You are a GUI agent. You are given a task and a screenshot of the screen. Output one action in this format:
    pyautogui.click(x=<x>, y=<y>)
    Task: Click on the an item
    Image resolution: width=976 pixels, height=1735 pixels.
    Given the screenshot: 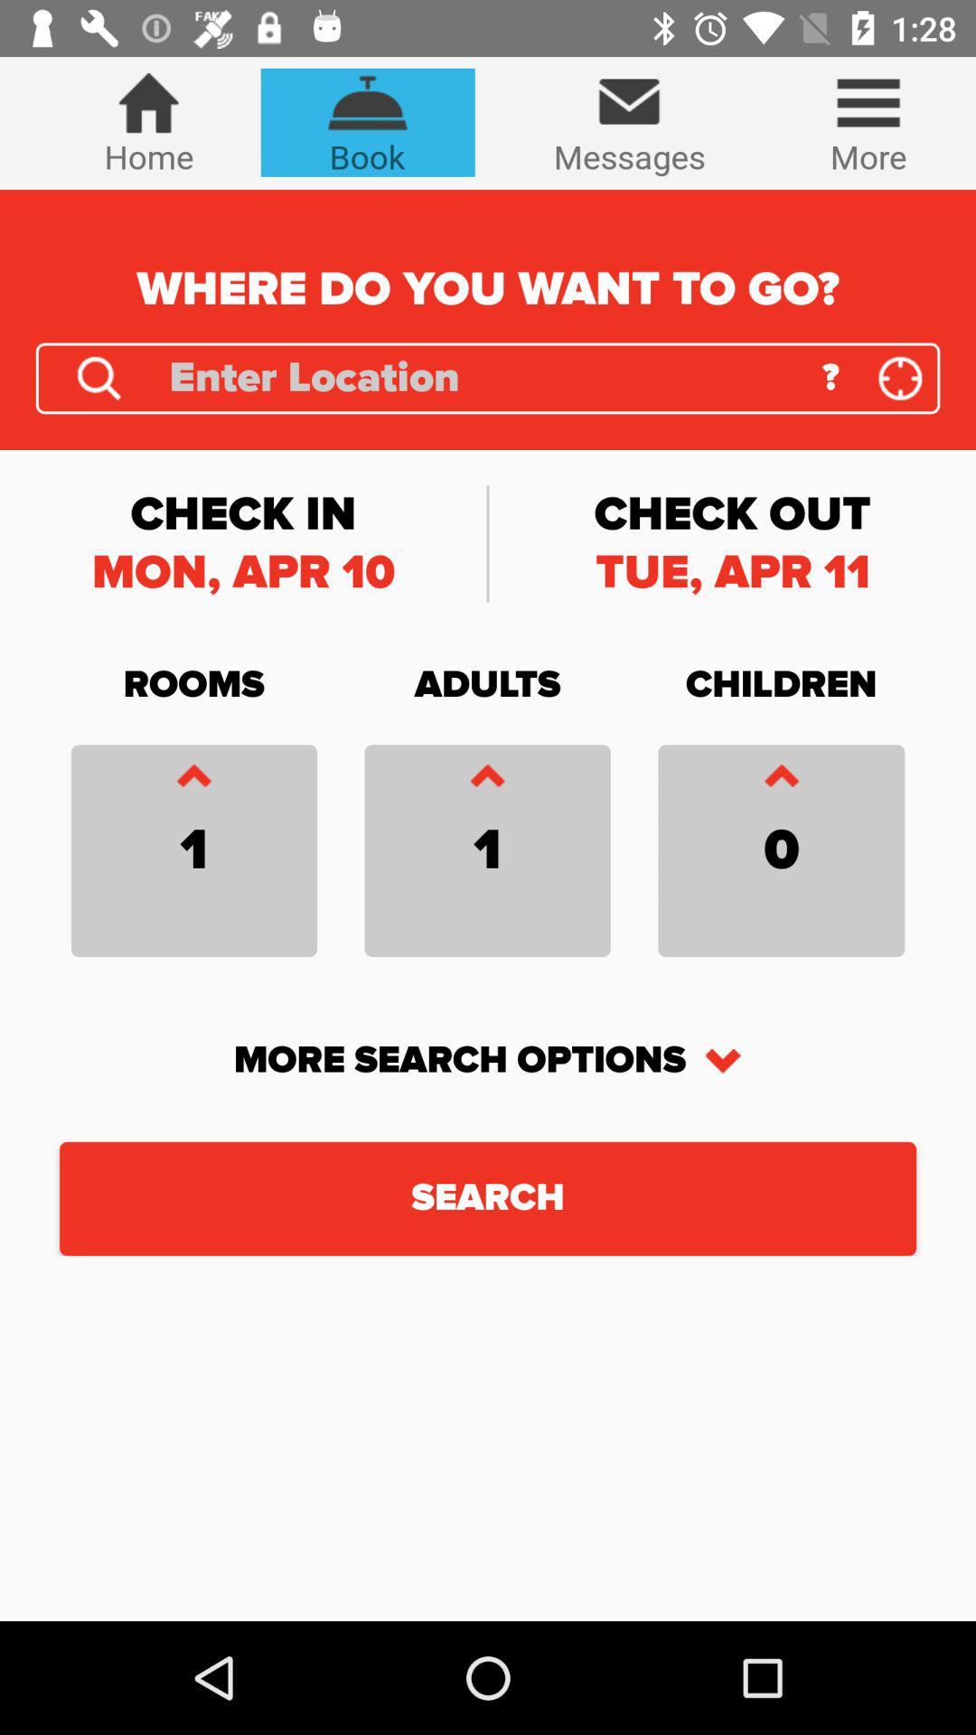 What is the action you would take?
    pyautogui.click(x=486, y=780)
    